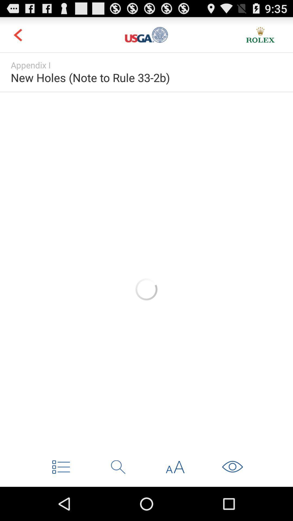  Describe the element at coordinates (260, 34) in the screenshot. I see `rolex` at that location.